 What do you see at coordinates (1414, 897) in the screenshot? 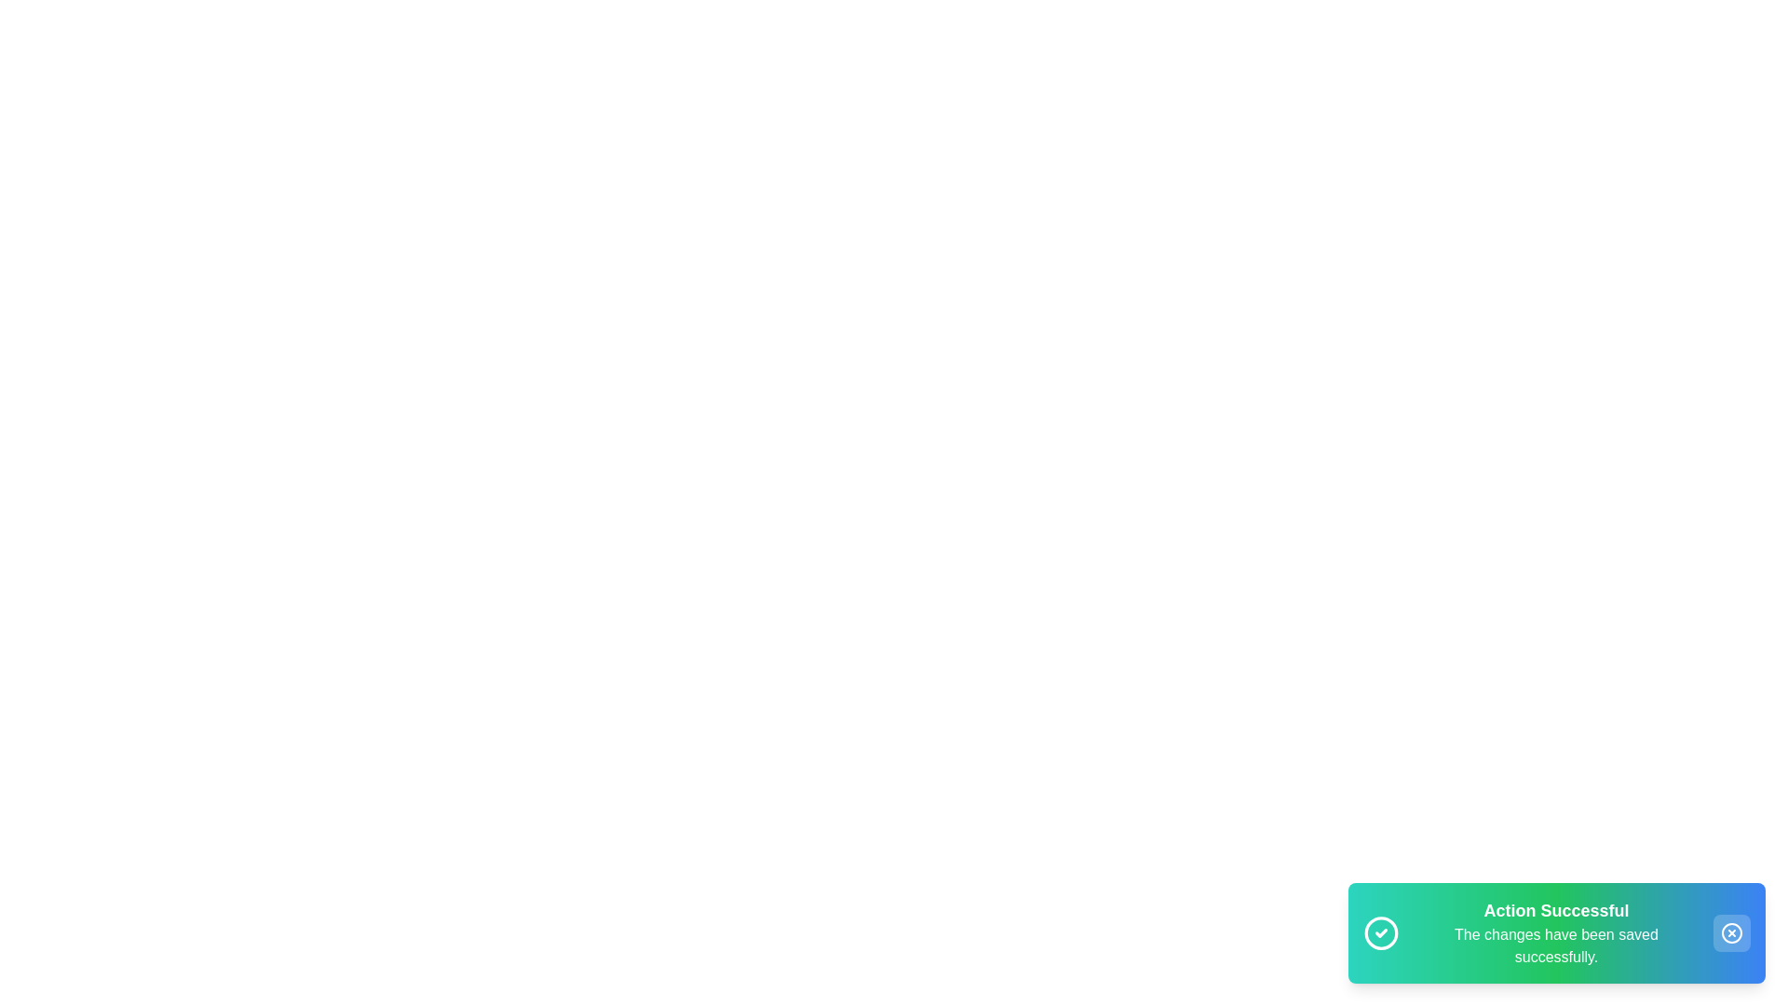
I see `the text displayed in the snackbar using a mouse drag action` at bounding box center [1414, 897].